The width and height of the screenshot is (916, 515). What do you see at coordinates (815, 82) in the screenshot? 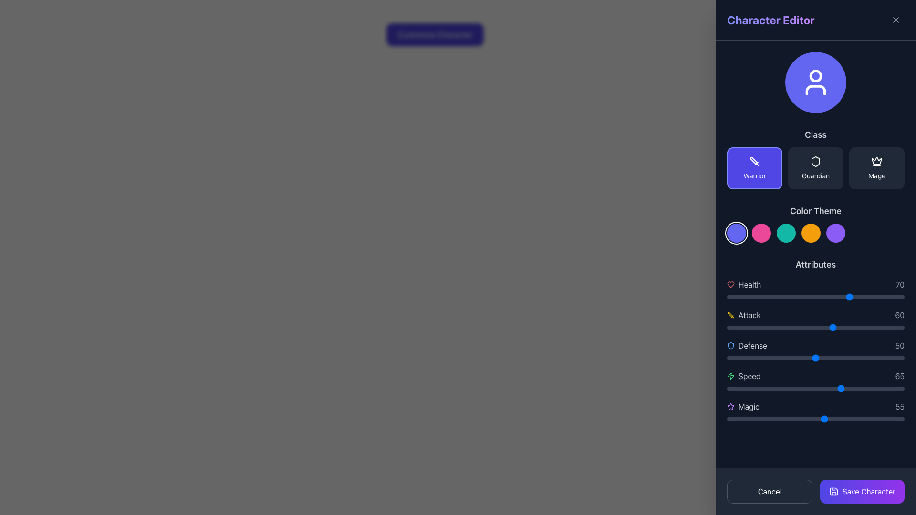
I see `the large circular icon with a purple background and white person silhouette, located in the upper section of the right panel titled 'Character Editor.'` at bounding box center [815, 82].